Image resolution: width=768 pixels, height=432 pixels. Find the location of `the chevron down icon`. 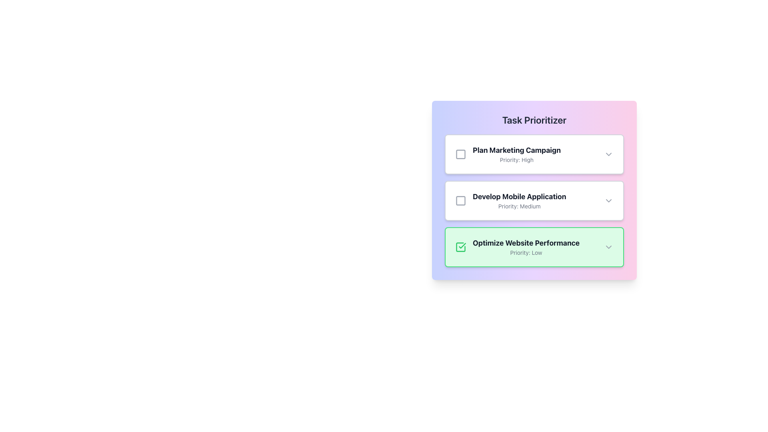

the chevron down icon is located at coordinates (608, 200).